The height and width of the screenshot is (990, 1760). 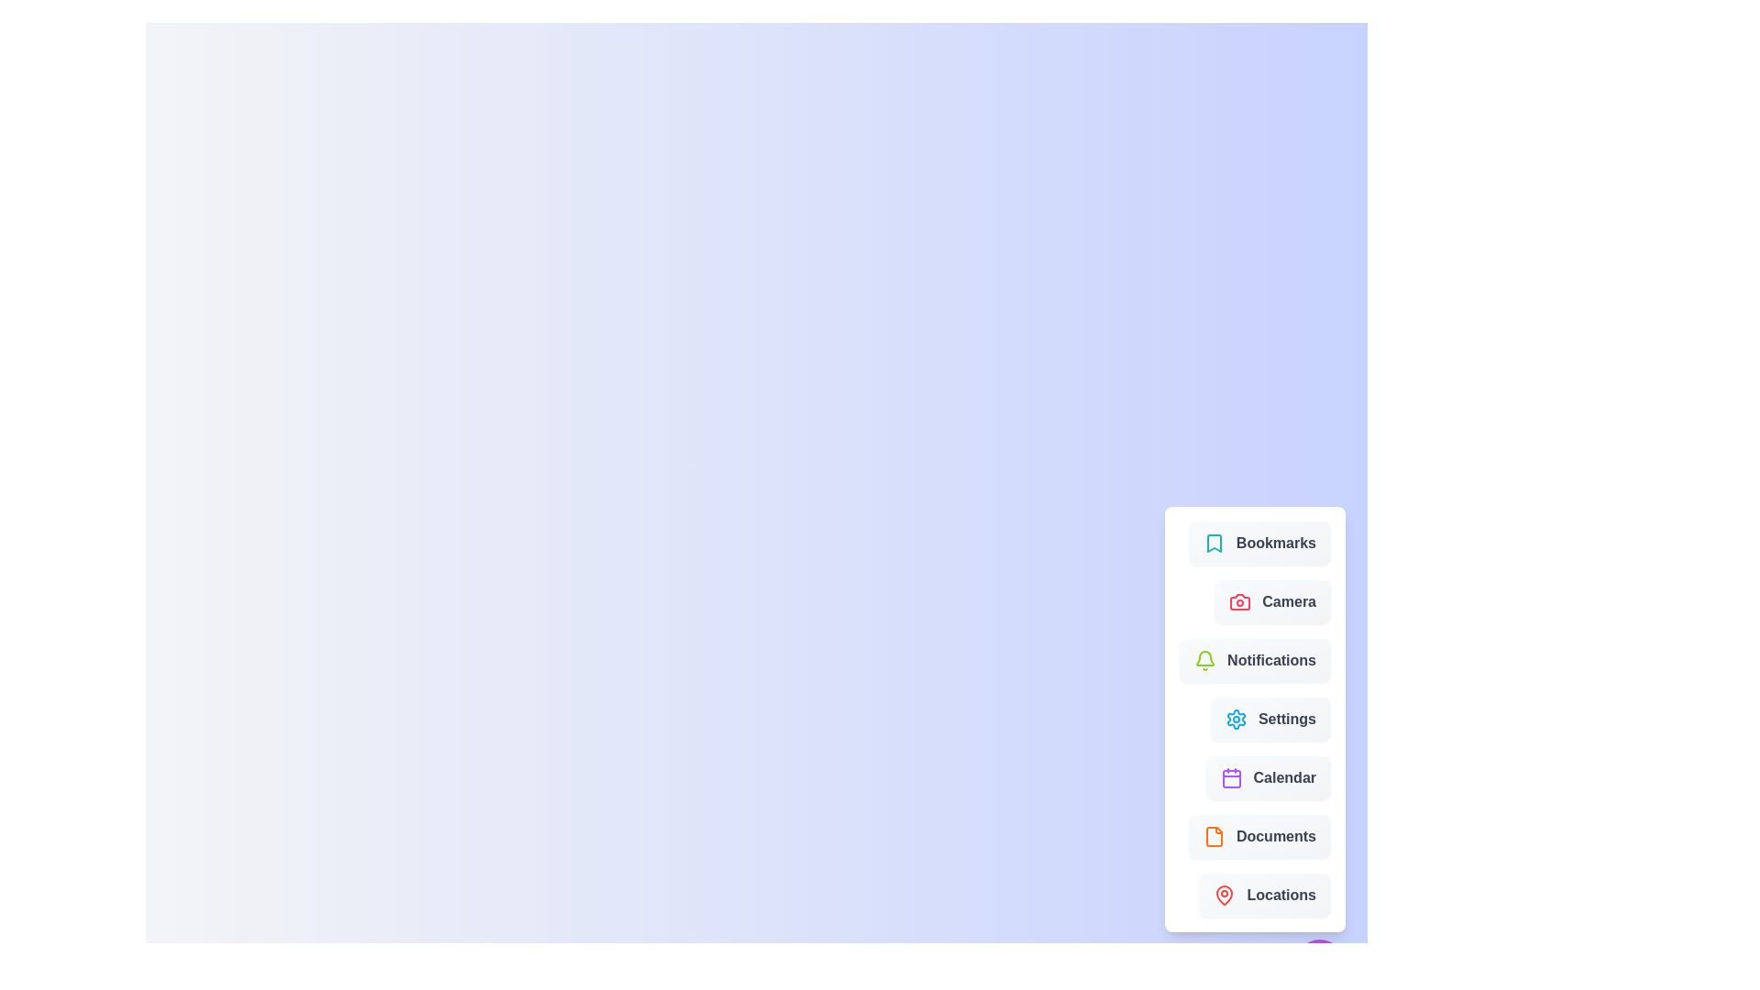 What do you see at coordinates (1258, 543) in the screenshot?
I see `the menu item labeled 'Bookmarks' to see its visual feedback` at bounding box center [1258, 543].